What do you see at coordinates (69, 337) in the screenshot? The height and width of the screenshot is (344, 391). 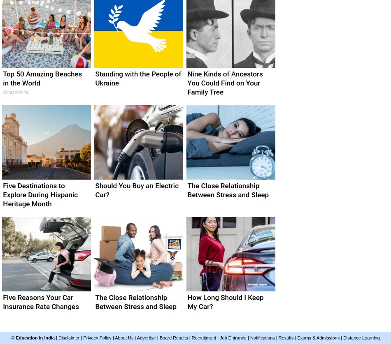 I see `'Disclaimer'` at bounding box center [69, 337].